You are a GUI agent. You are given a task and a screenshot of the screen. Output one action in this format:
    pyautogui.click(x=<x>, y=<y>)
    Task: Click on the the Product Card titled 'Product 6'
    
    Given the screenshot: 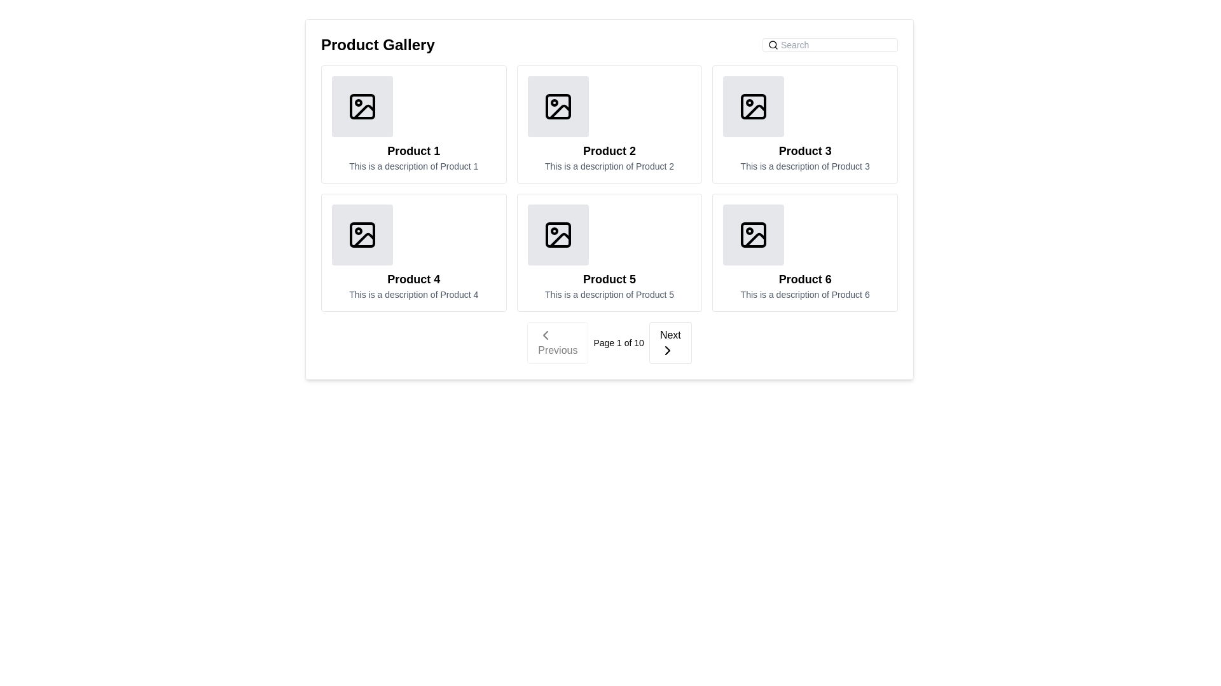 What is the action you would take?
    pyautogui.click(x=804, y=252)
    